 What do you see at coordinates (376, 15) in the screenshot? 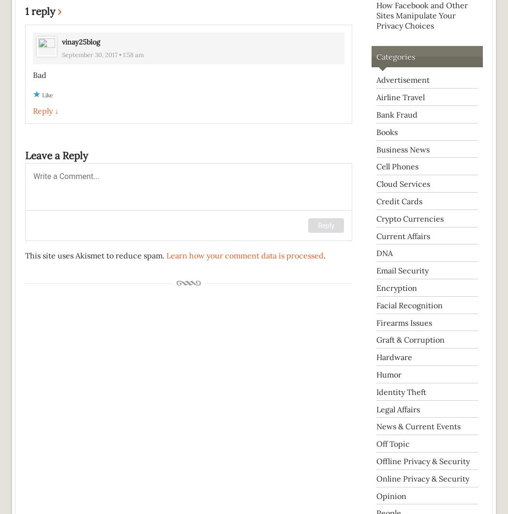
I see `'How Facebook and Other Sites Manipulate Your Privacy Choices'` at bounding box center [376, 15].